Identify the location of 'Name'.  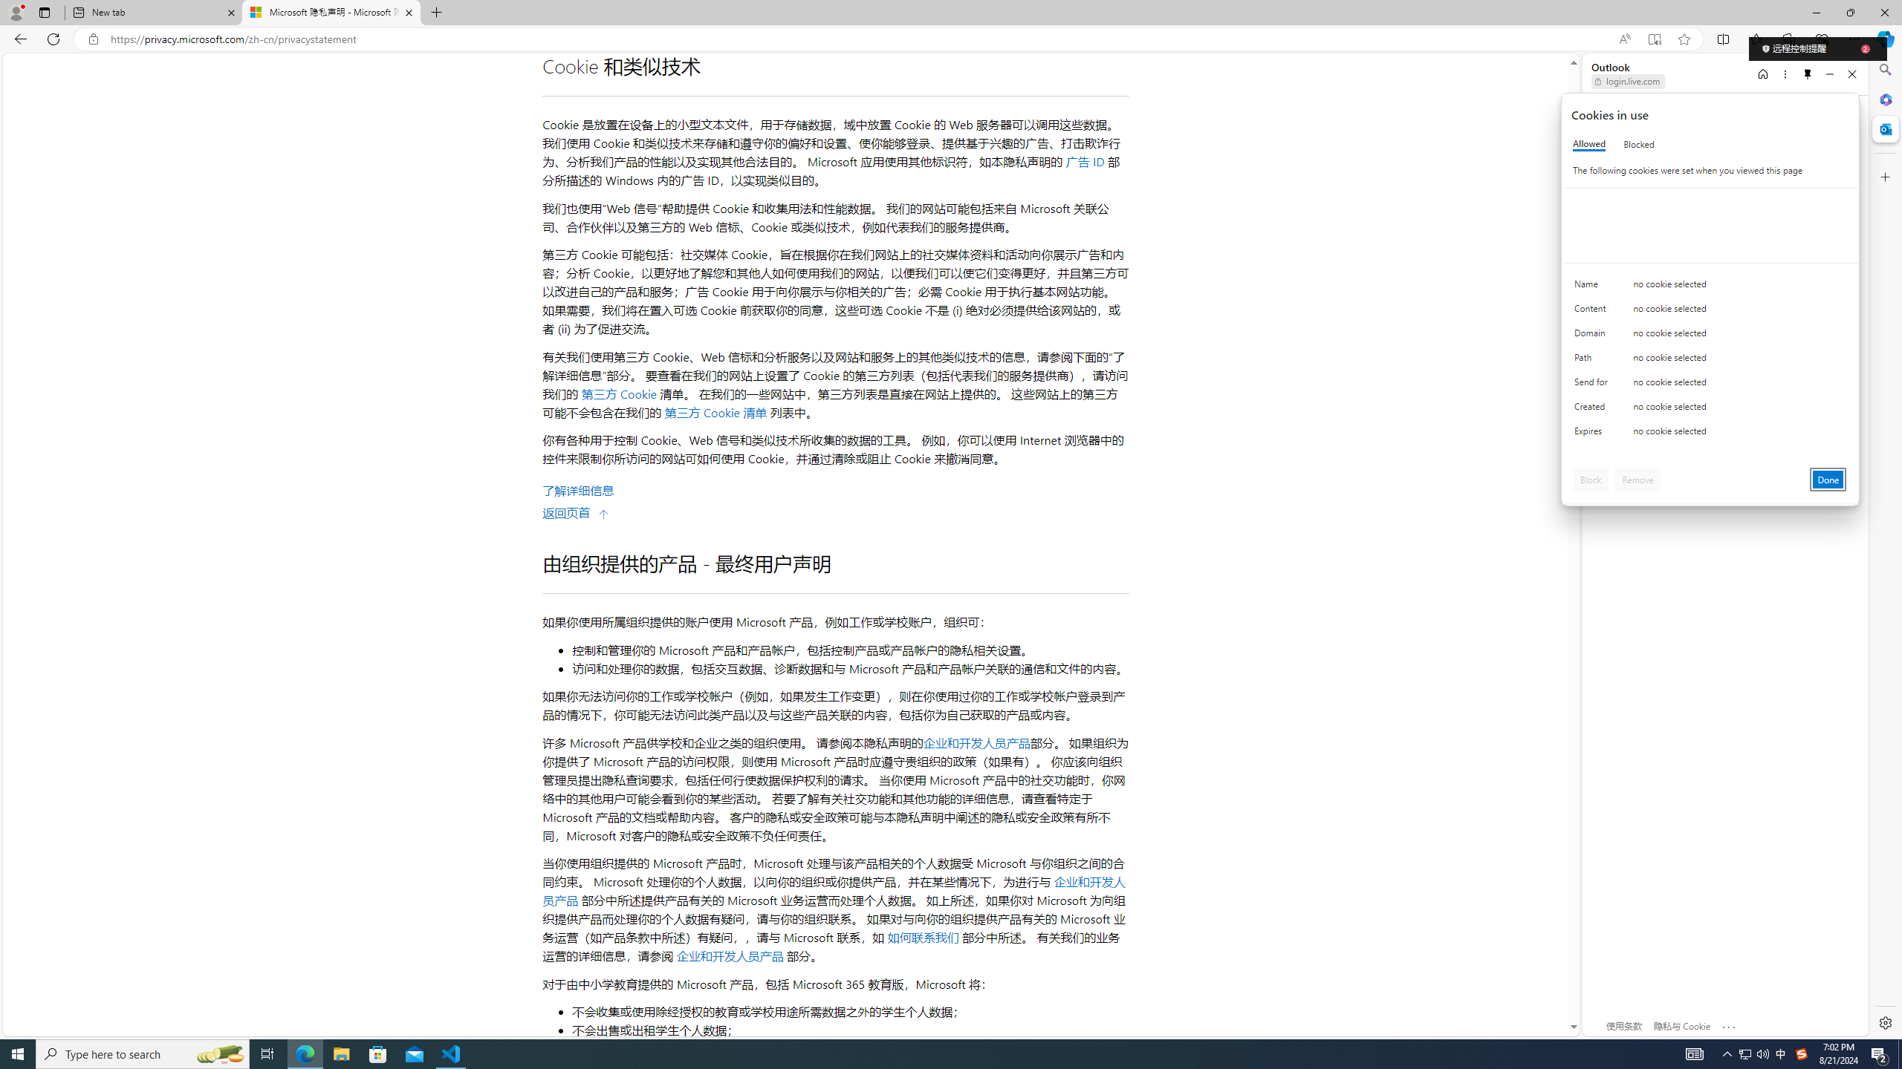
(1593, 287).